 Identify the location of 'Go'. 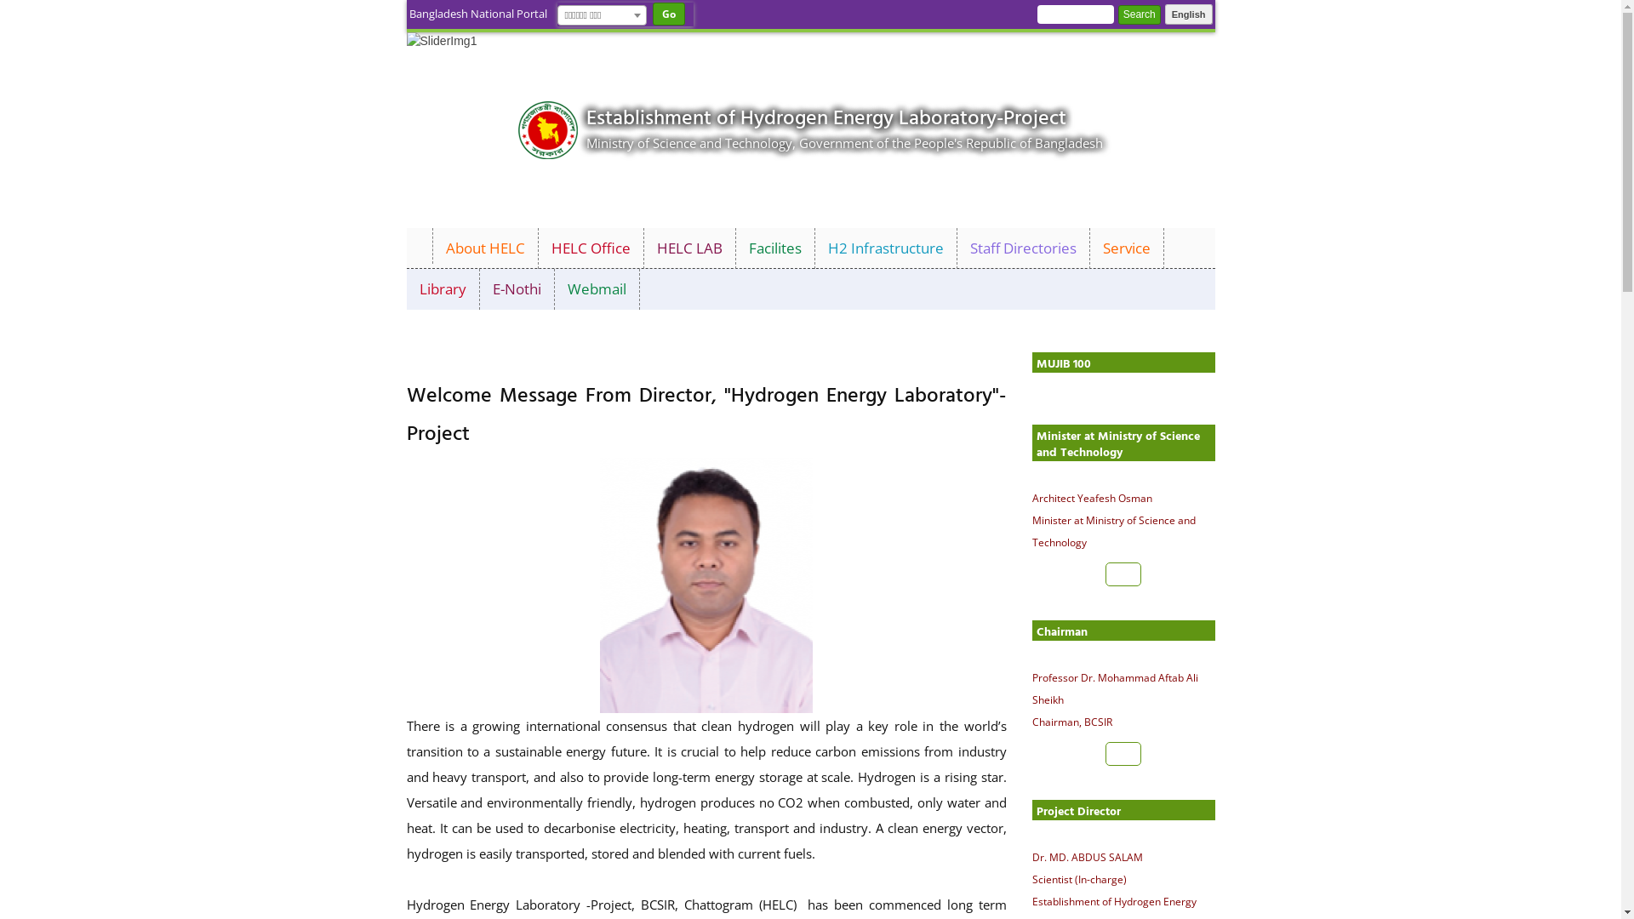
(667, 14).